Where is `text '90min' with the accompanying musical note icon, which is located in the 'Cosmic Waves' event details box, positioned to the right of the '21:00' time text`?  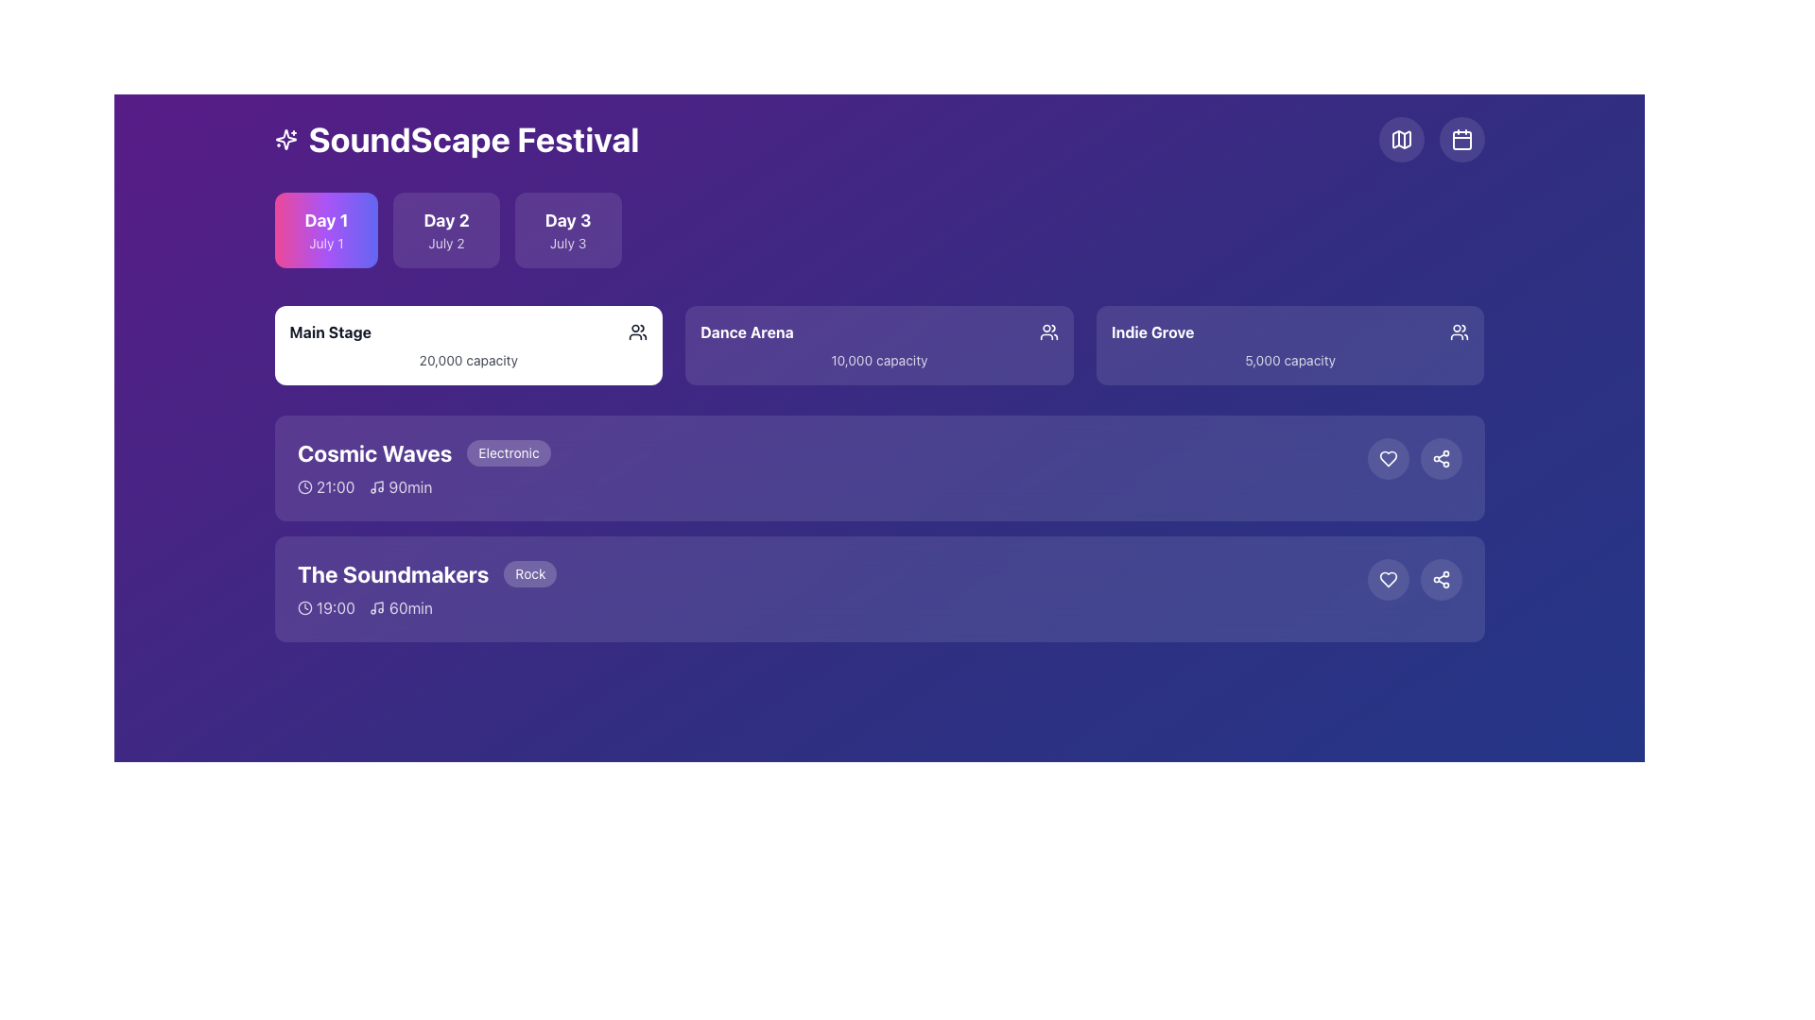
text '90min' with the accompanying musical note icon, which is located in the 'Cosmic Waves' event details box, positioned to the right of the '21:00' time text is located at coordinates (399, 486).